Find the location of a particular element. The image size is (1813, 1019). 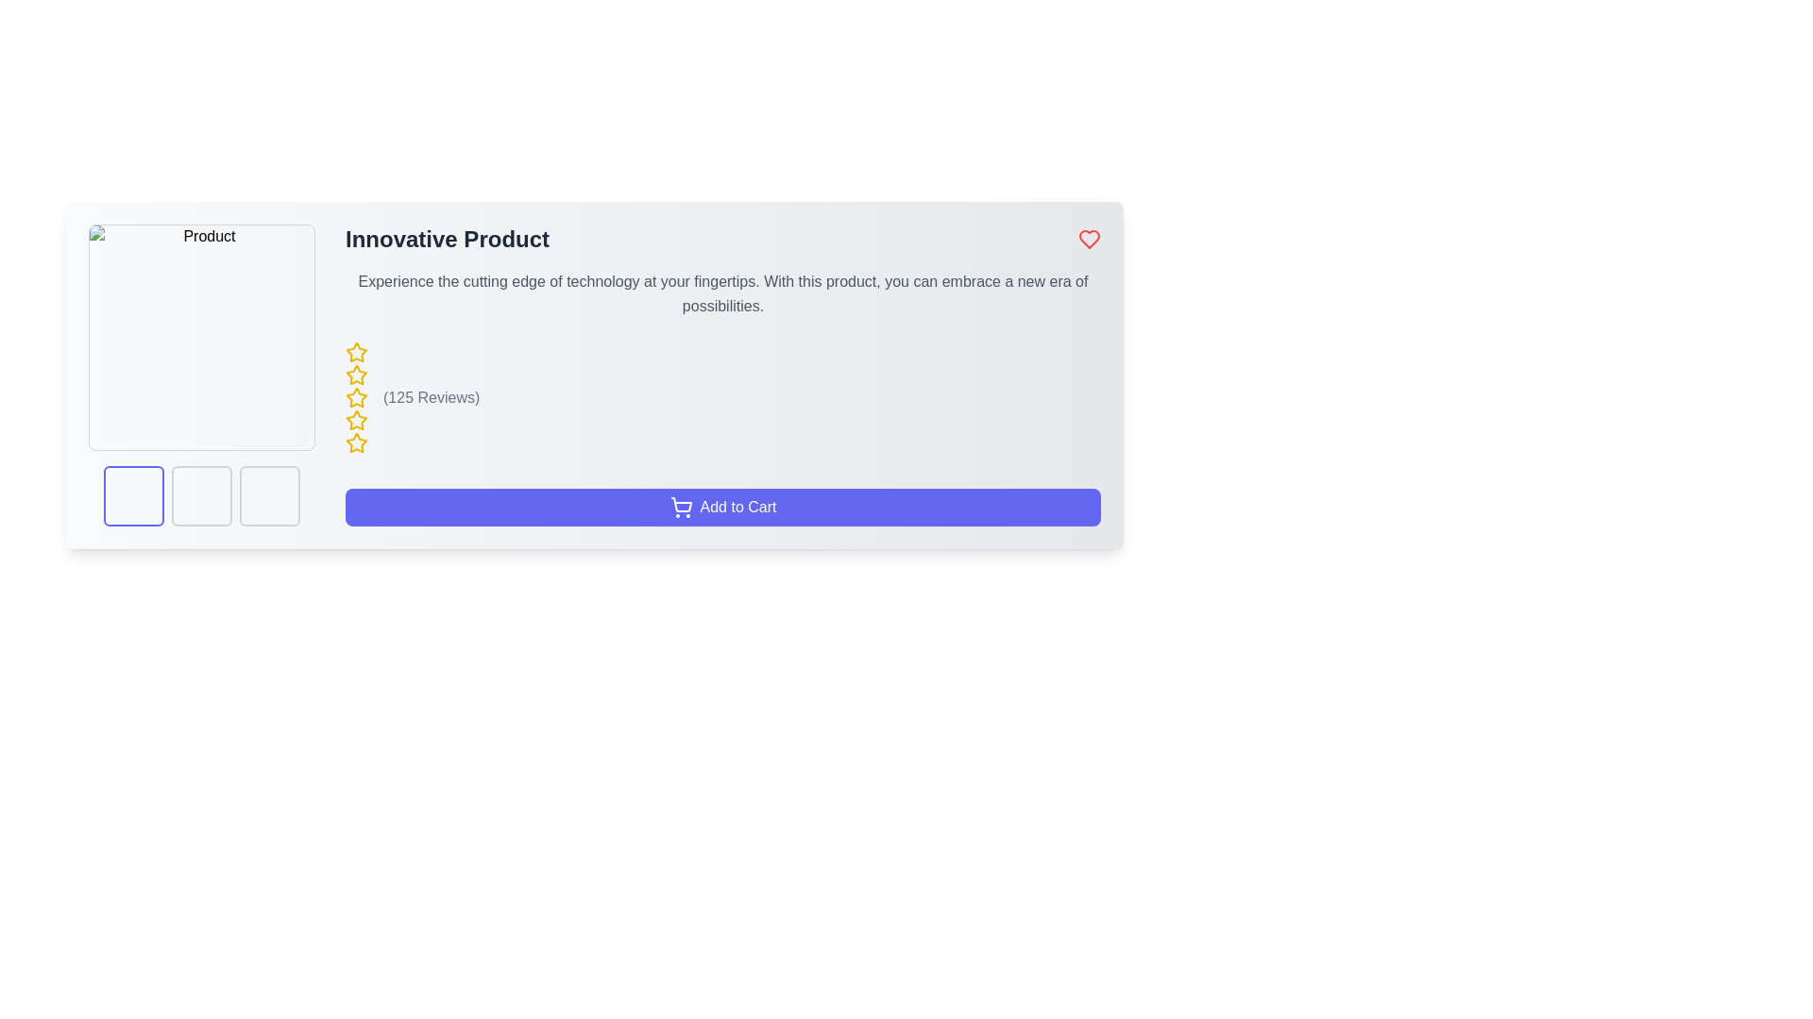

the fourth star in the rating graphic to set a rating is located at coordinates (357, 443).